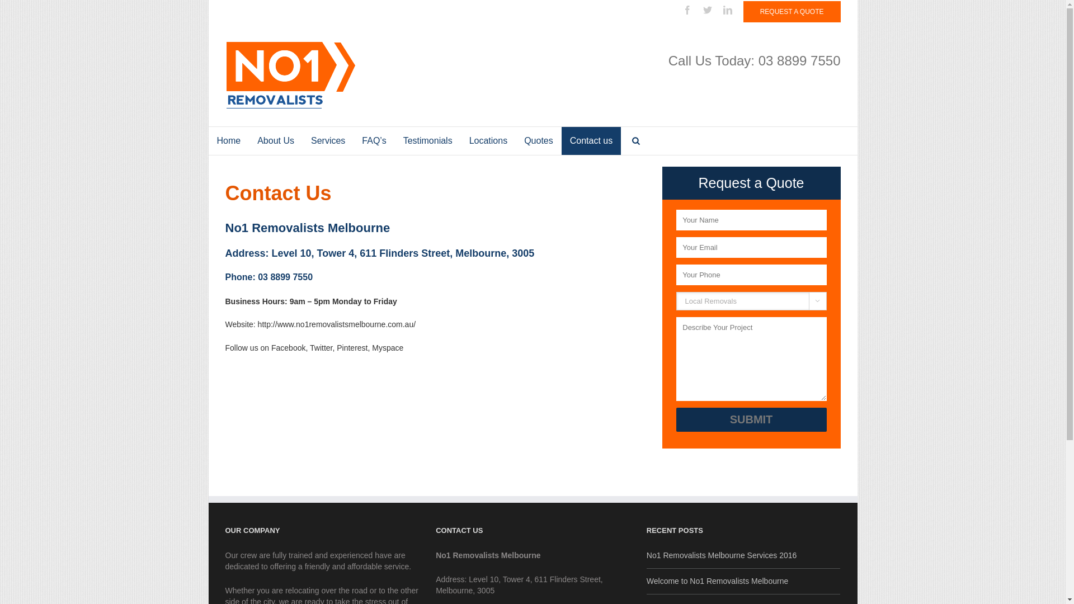  Describe the element at coordinates (387, 347) in the screenshot. I see `'Myspace'` at that location.